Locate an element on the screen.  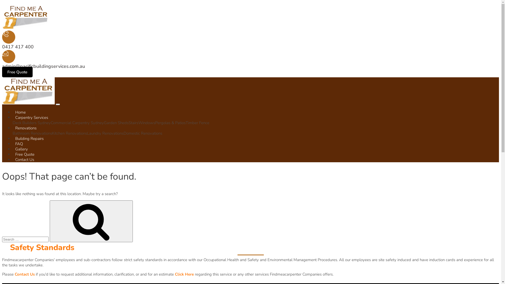
'Windows' is located at coordinates (147, 123).